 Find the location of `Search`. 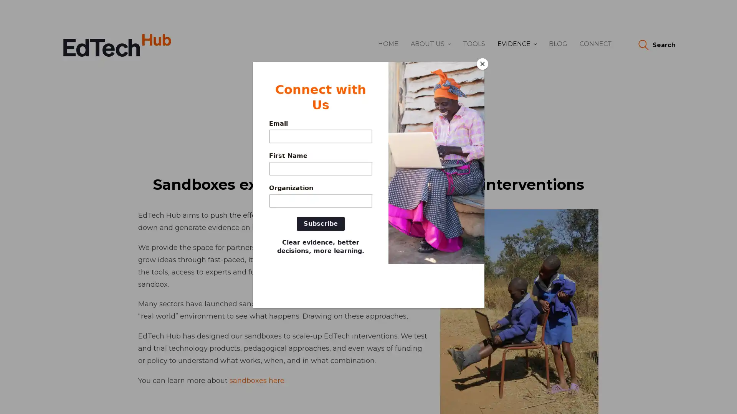

Search is located at coordinates (656, 45).